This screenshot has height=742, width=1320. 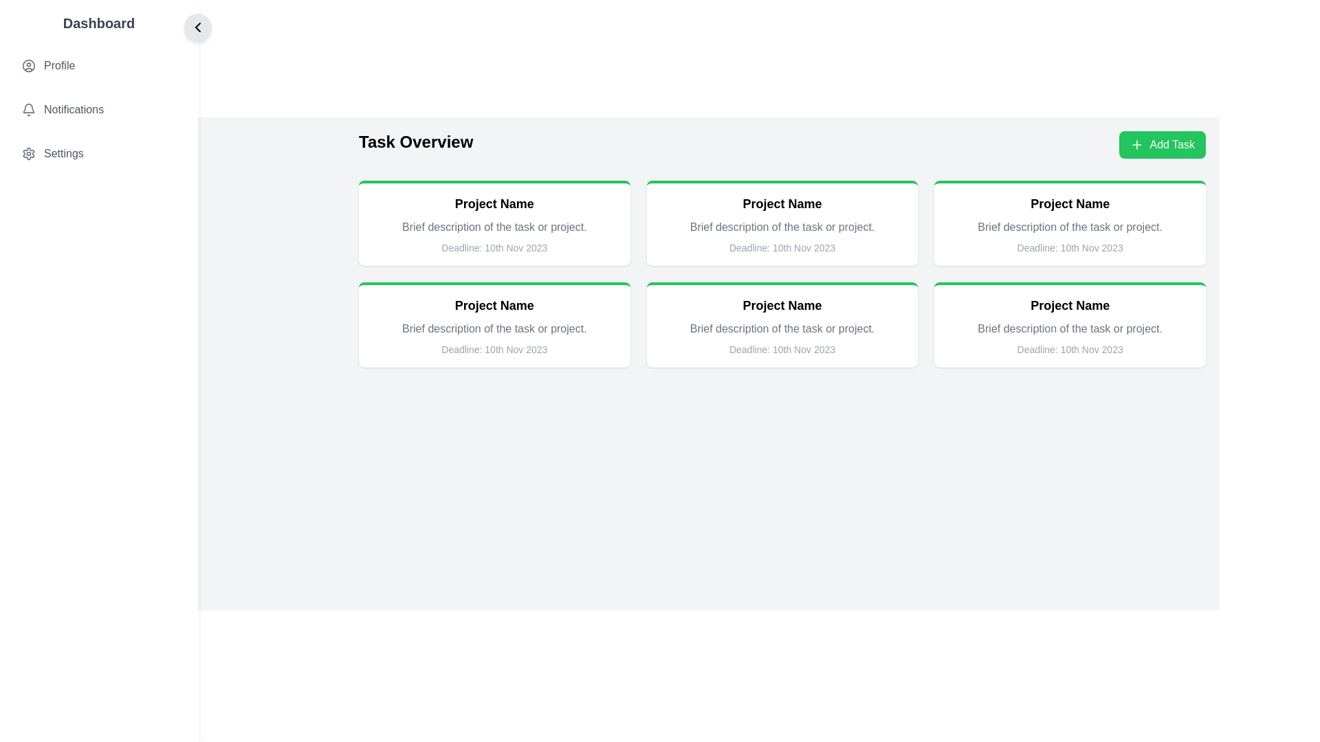 I want to click on text that provides a concise overview or explanation about the associated project or task, located in the center section of the first project card in the task overview, so click(x=494, y=227).